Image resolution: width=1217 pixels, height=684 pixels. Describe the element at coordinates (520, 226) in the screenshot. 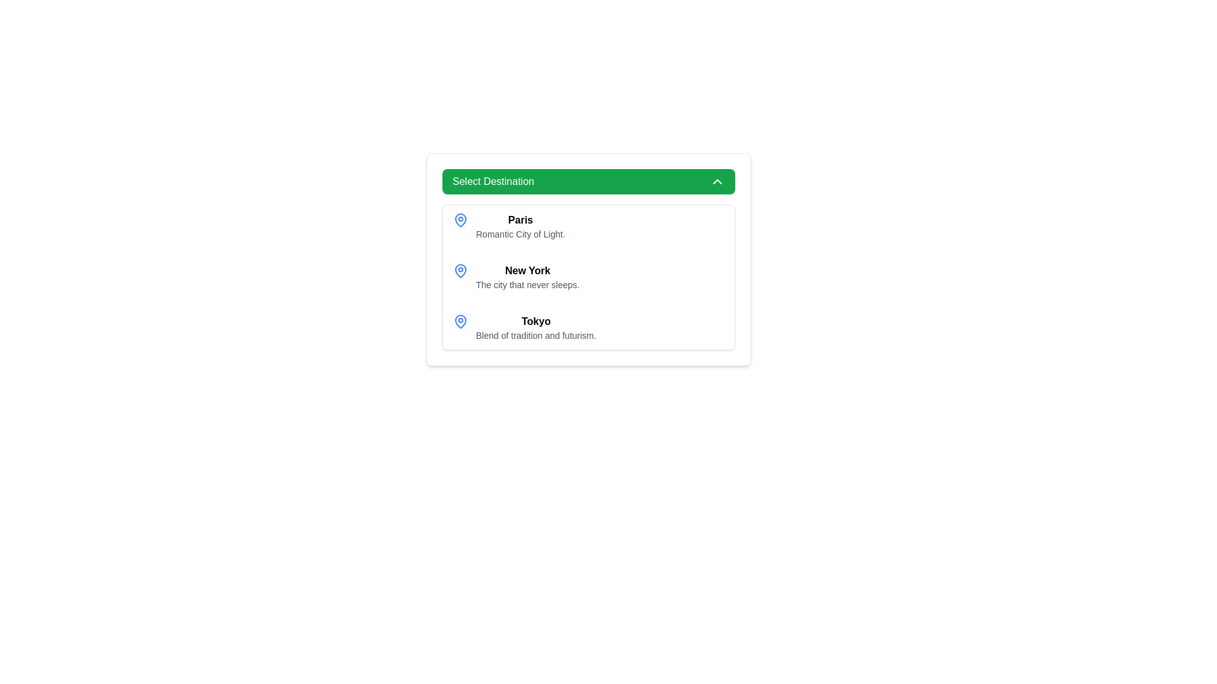

I see `the first list item in the 'Select Destination' dropdown menu` at that location.